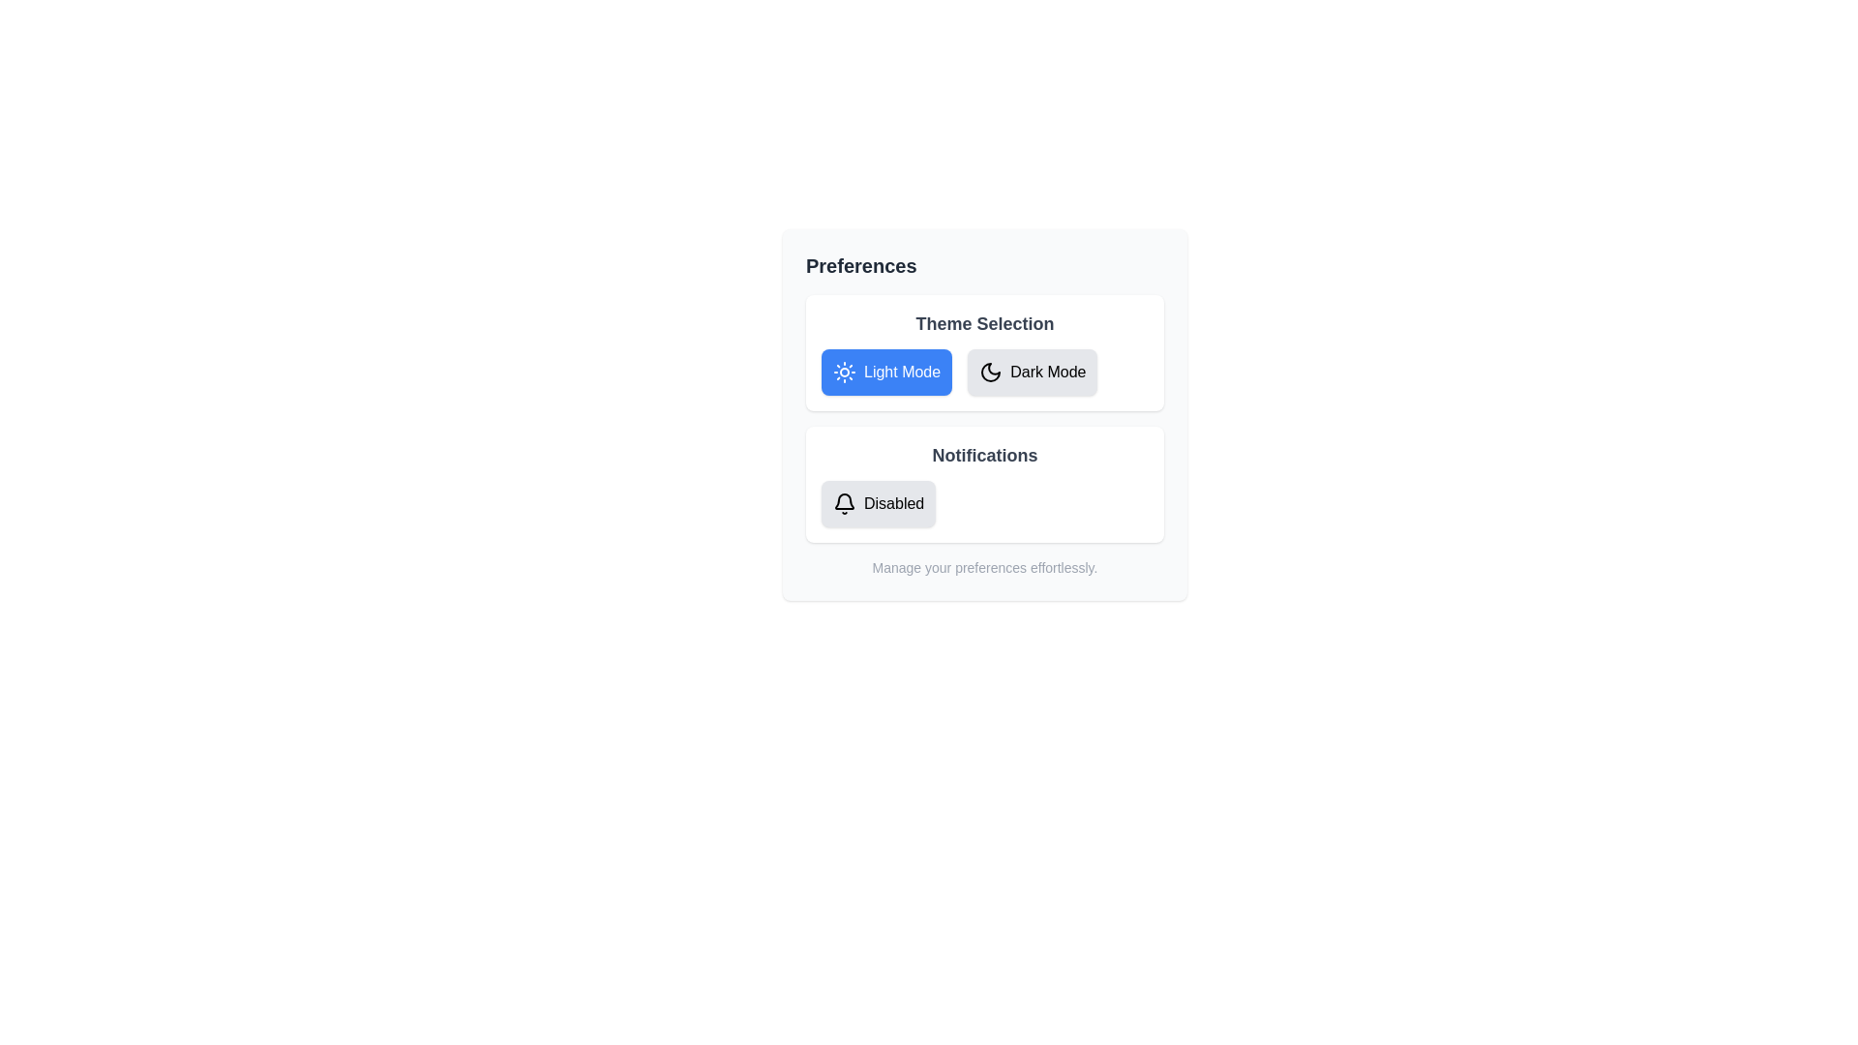 The image size is (1858, 1045). I want to click on the 'Light Mode' or 'Dark Mode' button within the 'Theme Selection' interactive card, so click(984, 353).